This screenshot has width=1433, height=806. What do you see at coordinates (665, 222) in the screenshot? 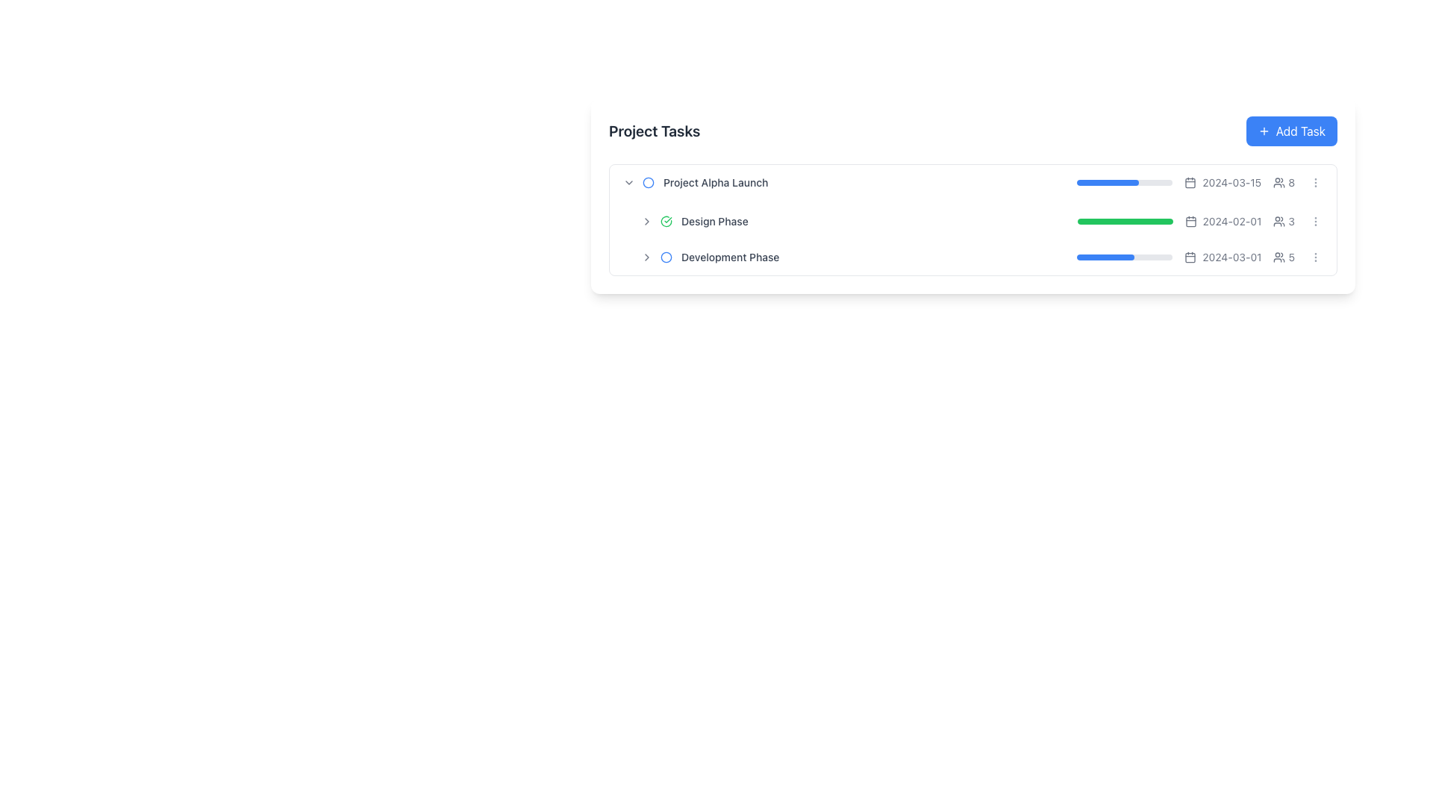
I see `the vector graphic icon indicating the completion status of the 'Design Phase' task, located to the left of the 'Design Phase' label in the task list` at bounding box center [665, 222].